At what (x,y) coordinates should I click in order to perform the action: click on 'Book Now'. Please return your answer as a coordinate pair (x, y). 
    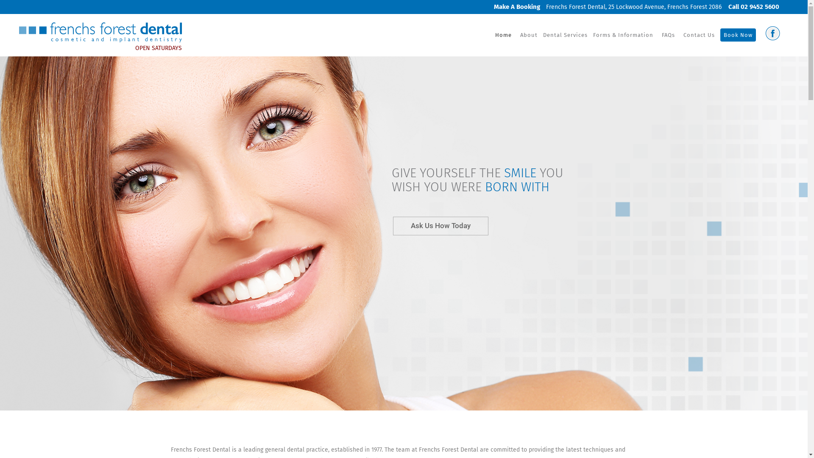
    Looking at the image, I should click on (738, 35).